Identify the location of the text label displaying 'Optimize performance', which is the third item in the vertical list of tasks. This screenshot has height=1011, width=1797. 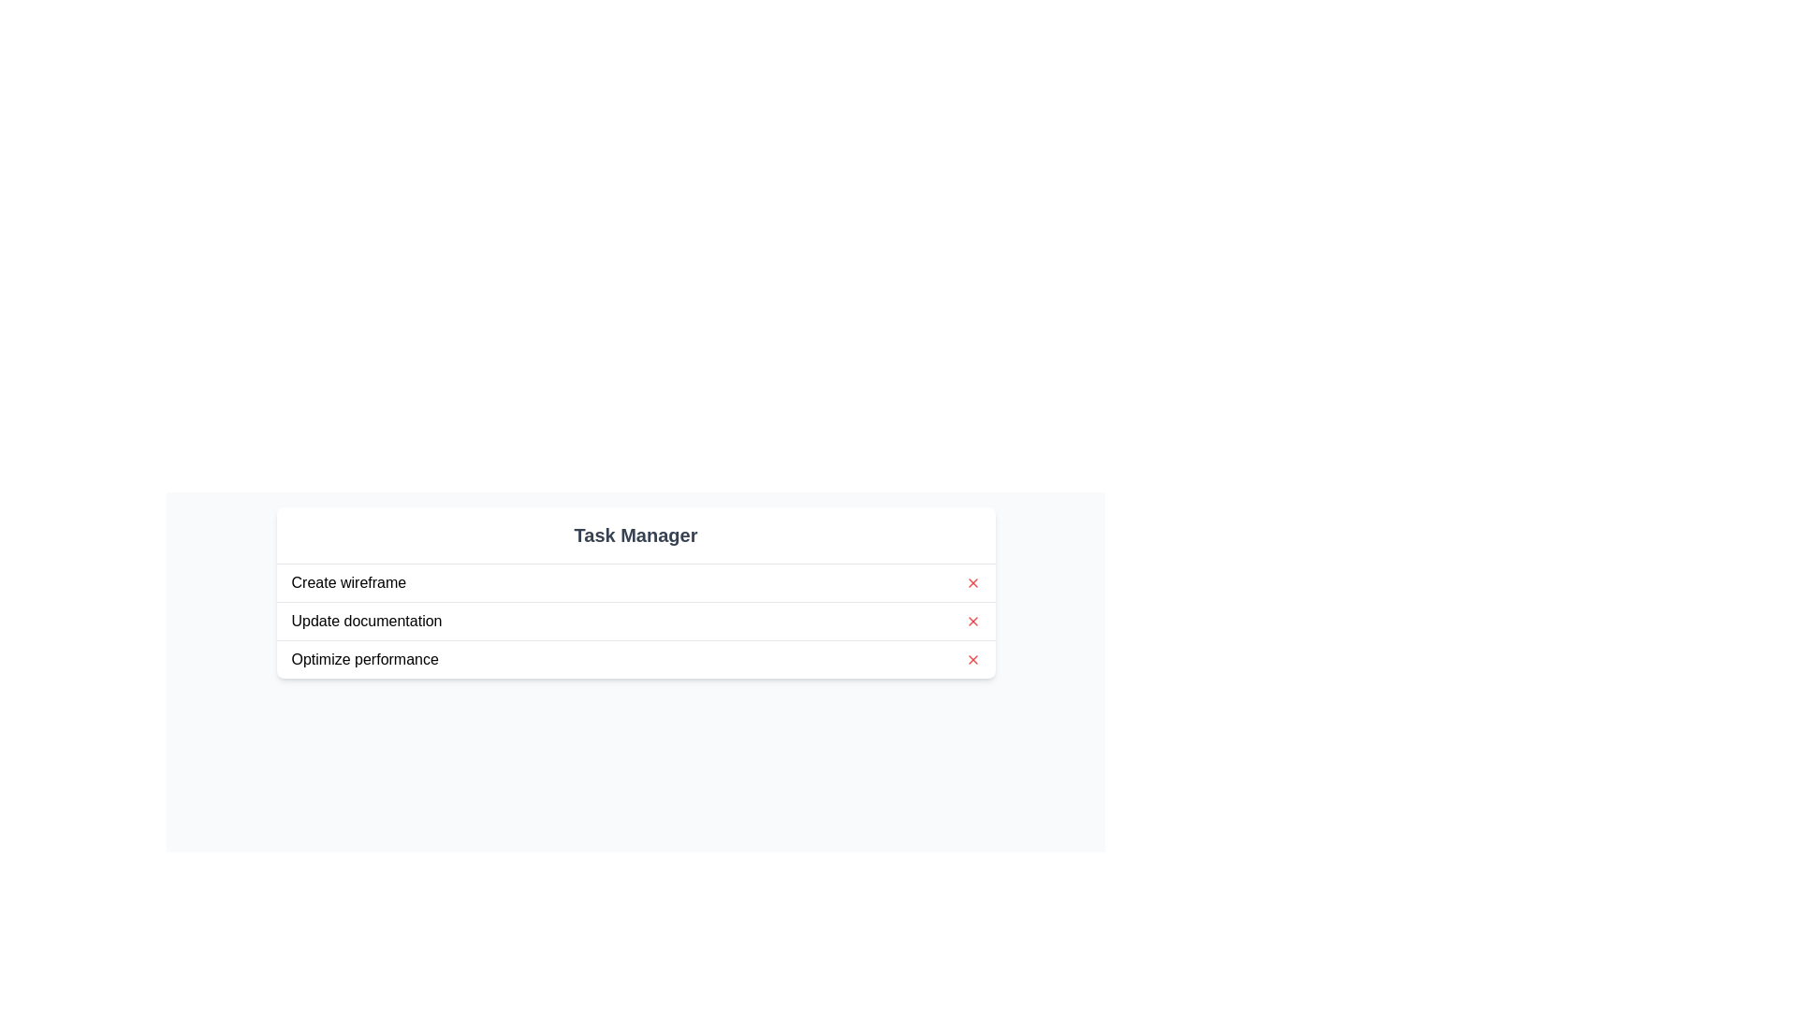
(365, 659).